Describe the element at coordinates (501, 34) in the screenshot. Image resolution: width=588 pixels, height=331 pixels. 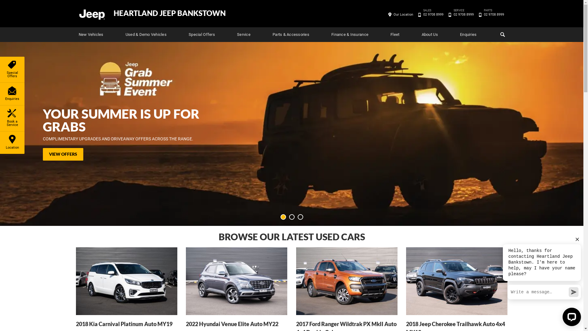
I see `'Search'` at that location.